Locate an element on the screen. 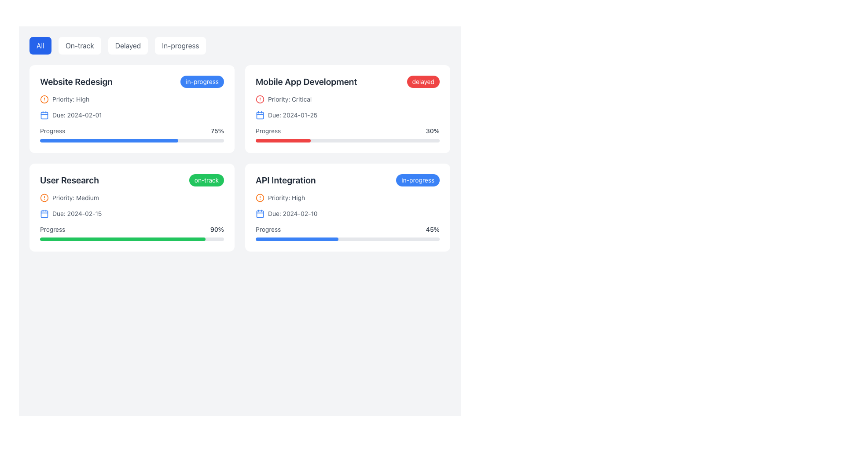  the 'On-track' button, which is the second button in a group of four aligned horizontally is located at coordinates (80, 46).